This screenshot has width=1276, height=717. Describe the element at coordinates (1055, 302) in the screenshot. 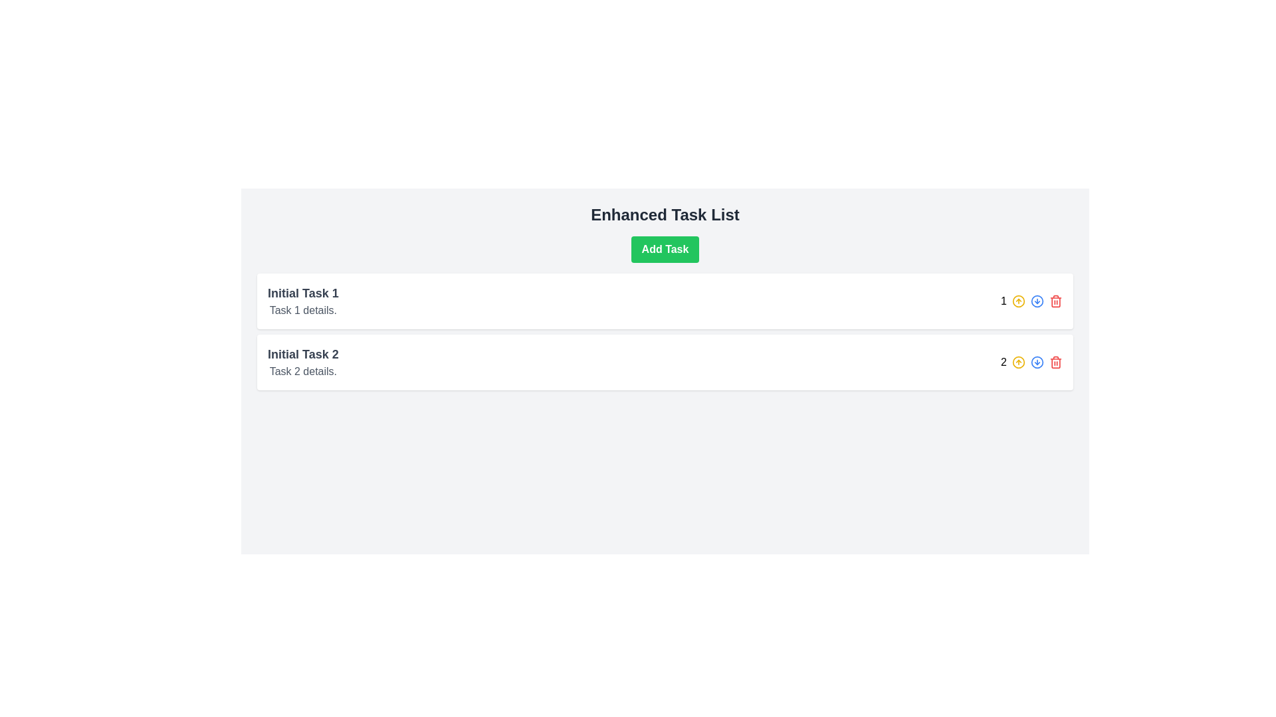

I see `the red rounded rectangular stroke of the trash can icon` at that location.